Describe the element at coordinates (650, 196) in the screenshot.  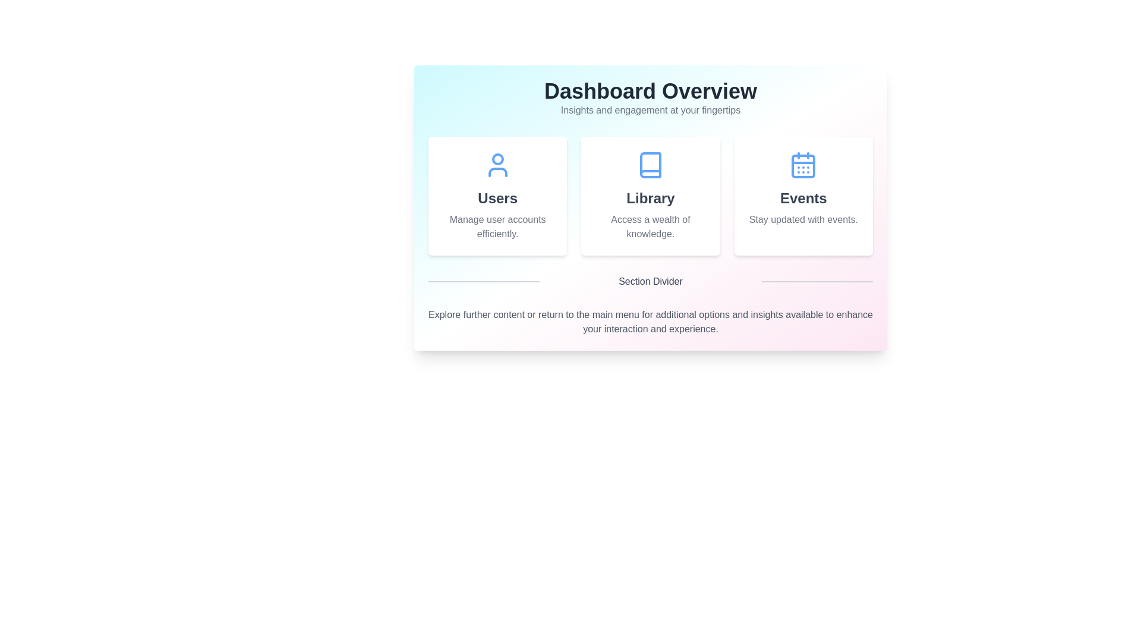
I see `the central Static informational card that represents the 'Library' category, positioned in the center of a three-column grid layout` at that location.